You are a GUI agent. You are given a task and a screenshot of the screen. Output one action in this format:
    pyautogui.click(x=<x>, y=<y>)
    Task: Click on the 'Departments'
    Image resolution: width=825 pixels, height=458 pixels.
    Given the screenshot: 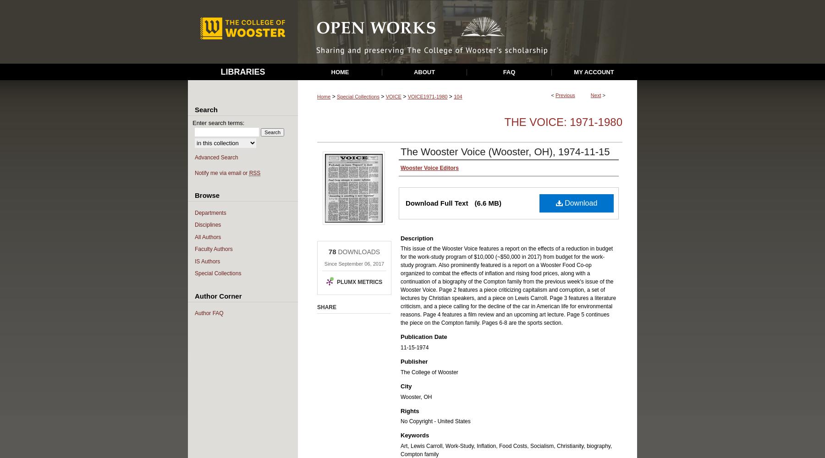 What is the action you would take?
    pyautogui.click(x=210, y=212)
    